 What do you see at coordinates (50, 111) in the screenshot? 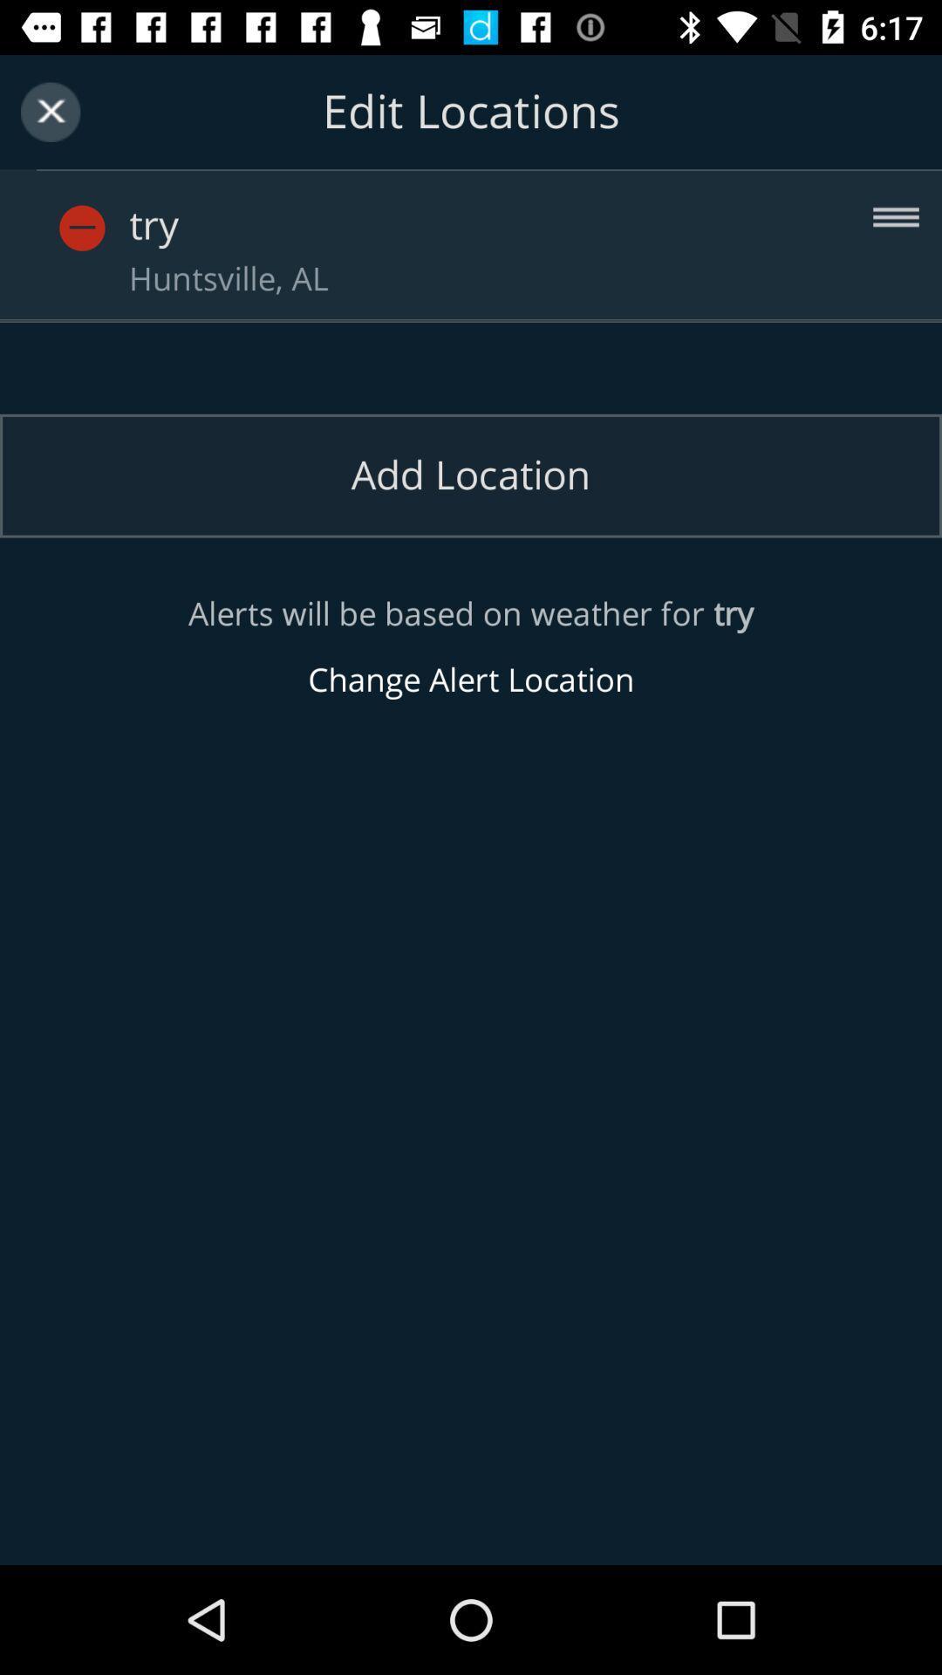
I see `cancel the edit` at bounding box center [50, 111].